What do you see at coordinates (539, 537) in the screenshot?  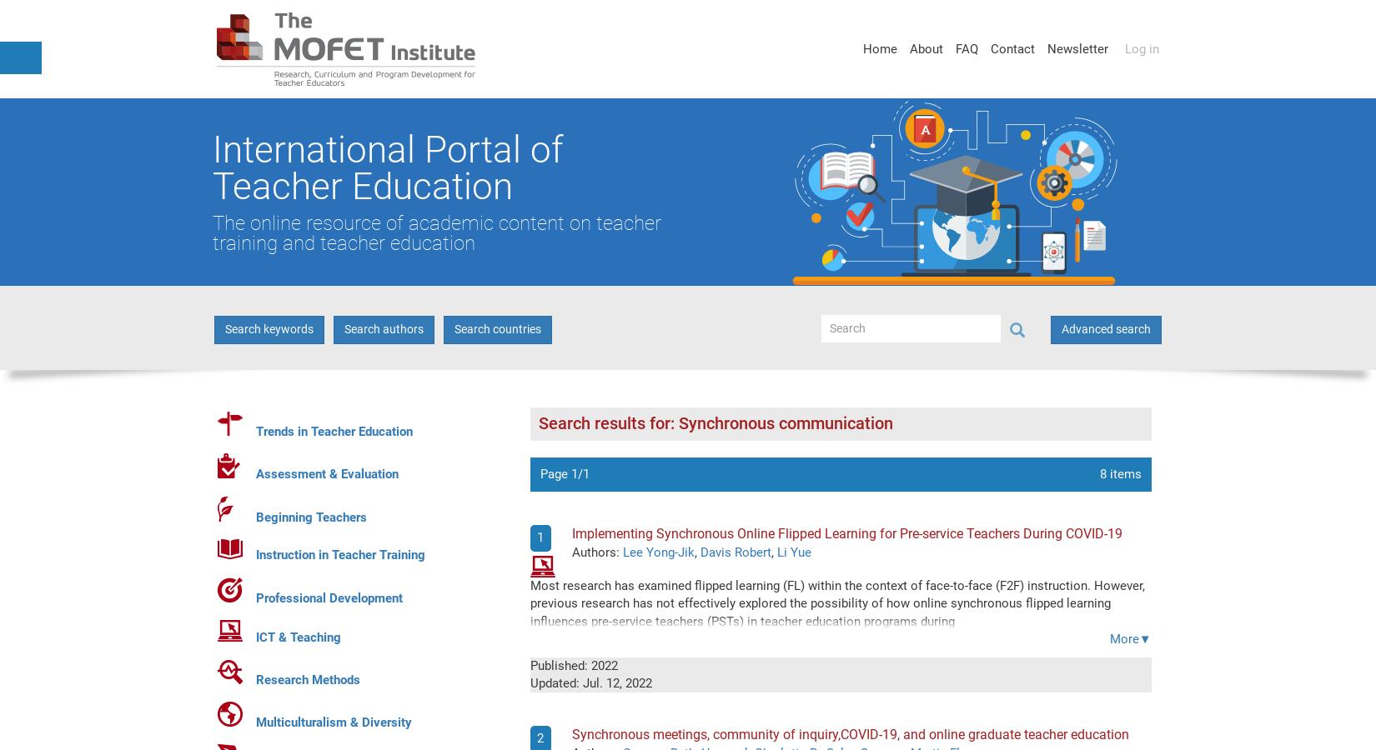 I see `'1'` at bounding box center [539, 537].